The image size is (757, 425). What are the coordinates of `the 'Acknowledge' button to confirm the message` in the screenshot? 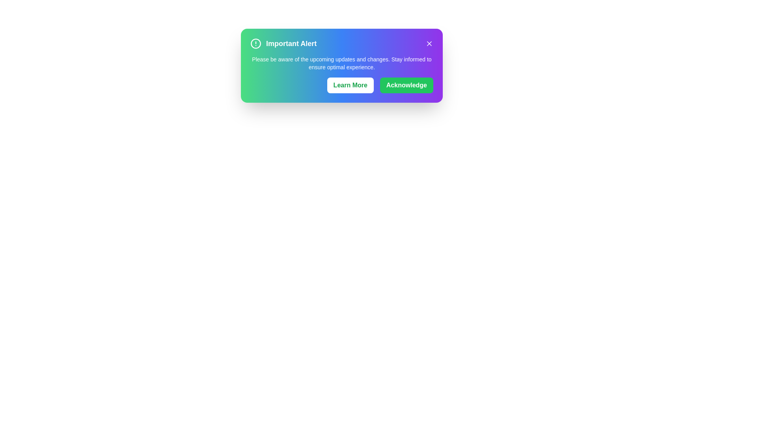 It's located at (406, 85).